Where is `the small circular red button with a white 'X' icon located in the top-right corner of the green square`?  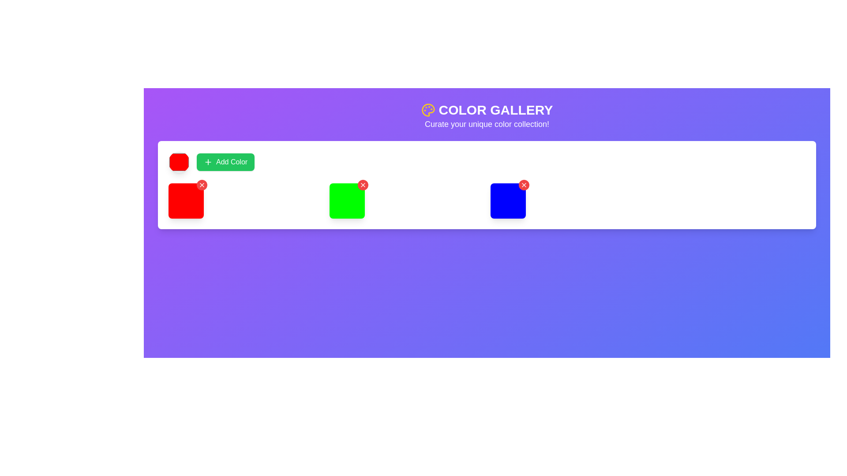 the small circular red button with a white 'X' icon located in the top-right corner of the green square is located at coordinates (363, 185).